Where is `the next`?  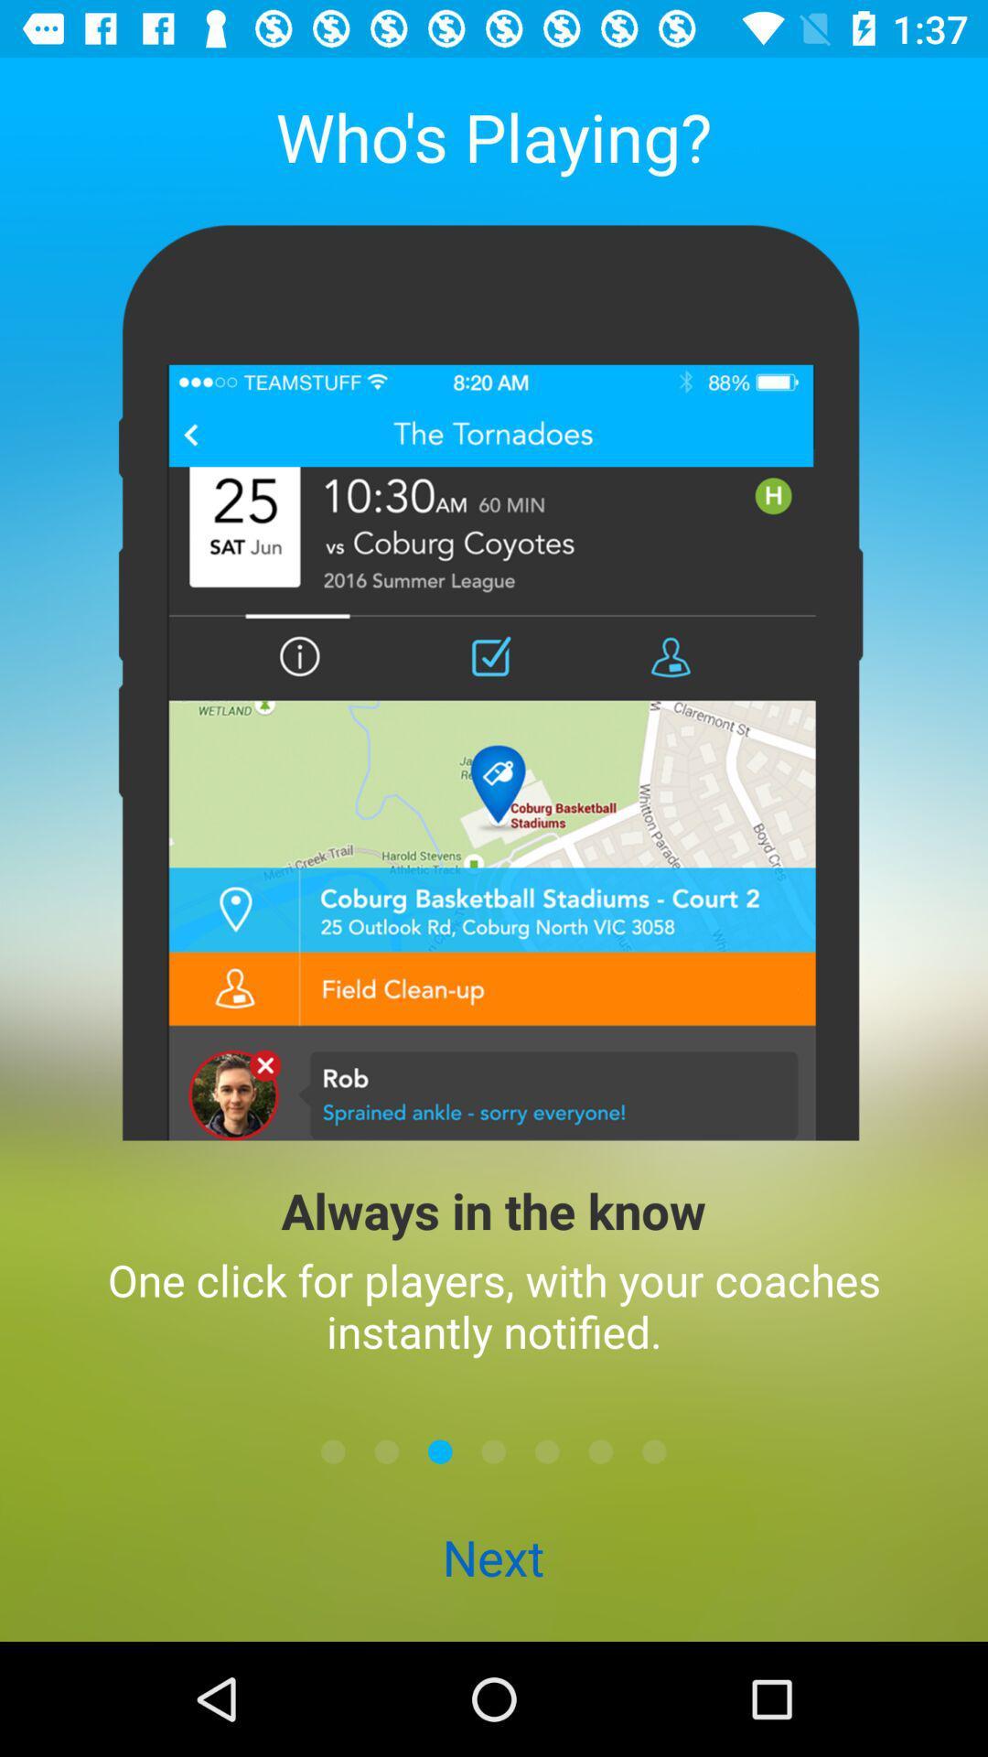 the next is located at coordinates (492, 1558).